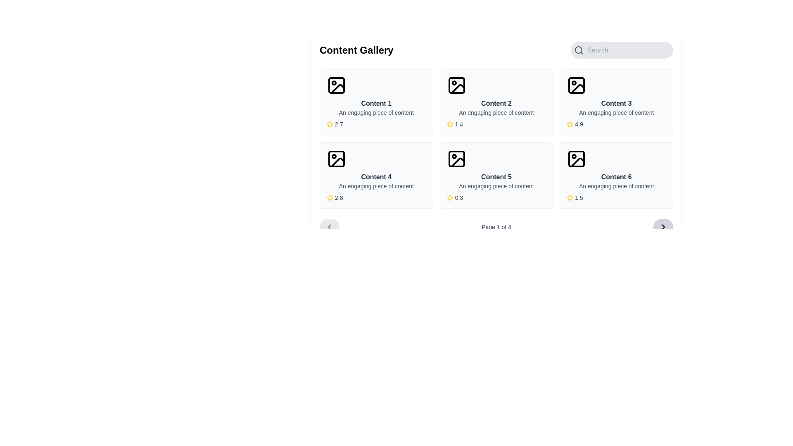 The height and width of the screenshot is (446, 793). I want to click on the placeholder image icon located at the top-center of the 'Content 2' panel to understand the missing image content, so click(456, 85).